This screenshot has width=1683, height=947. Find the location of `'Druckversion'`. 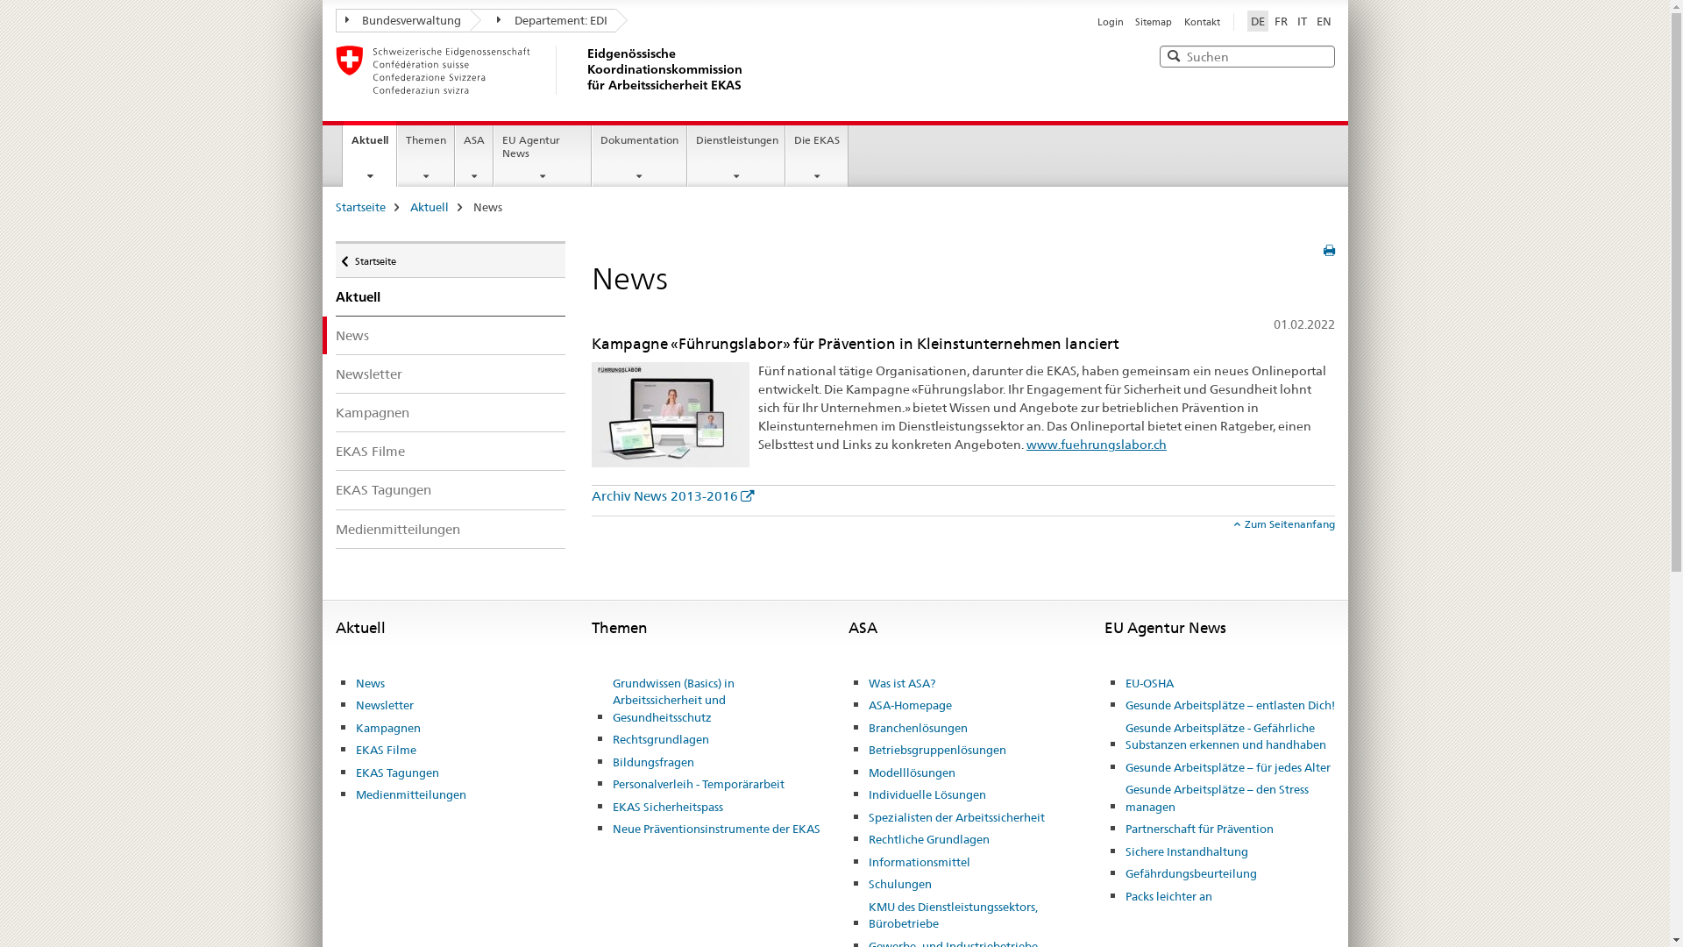

'Druckversion' is located at coordinates (1324, 250).